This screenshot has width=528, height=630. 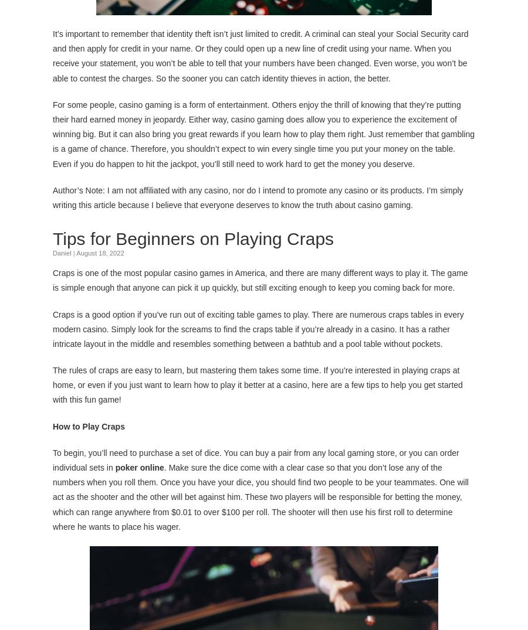 I want to click on 'The rules of craps are easy to learn, but mastering them takes some time. If you’re interested in playing craps at home, or even if you just want to learn how to play it better at a casino, here are a few tips to help you get started with this fun game!', so click(x=258, y=384).